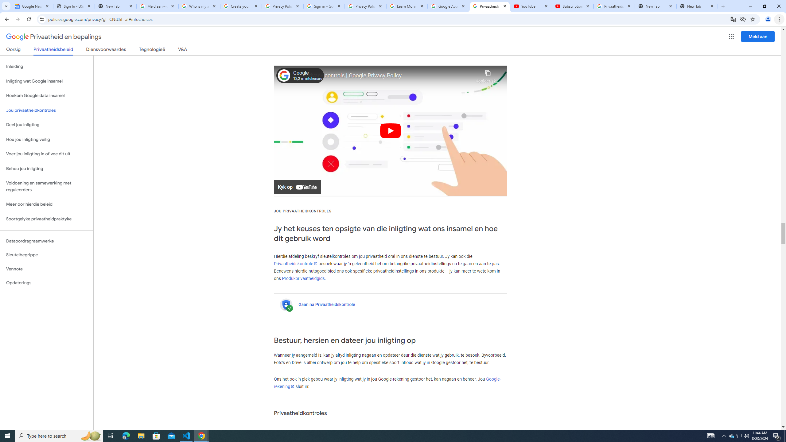  I want to click on 'Jou privaatheidkontroles', so click(46, 110).